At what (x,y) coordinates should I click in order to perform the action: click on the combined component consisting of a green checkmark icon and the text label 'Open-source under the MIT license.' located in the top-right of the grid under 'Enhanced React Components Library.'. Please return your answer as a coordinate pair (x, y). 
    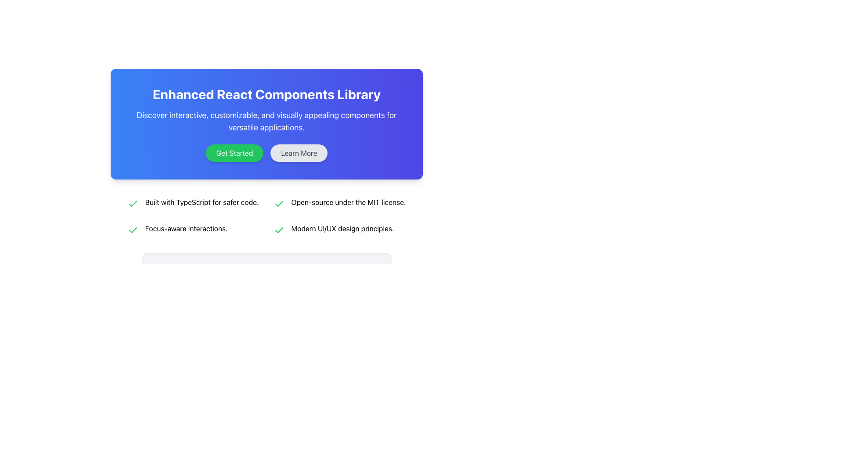
    Looking at the image, I should click on (339, 203).